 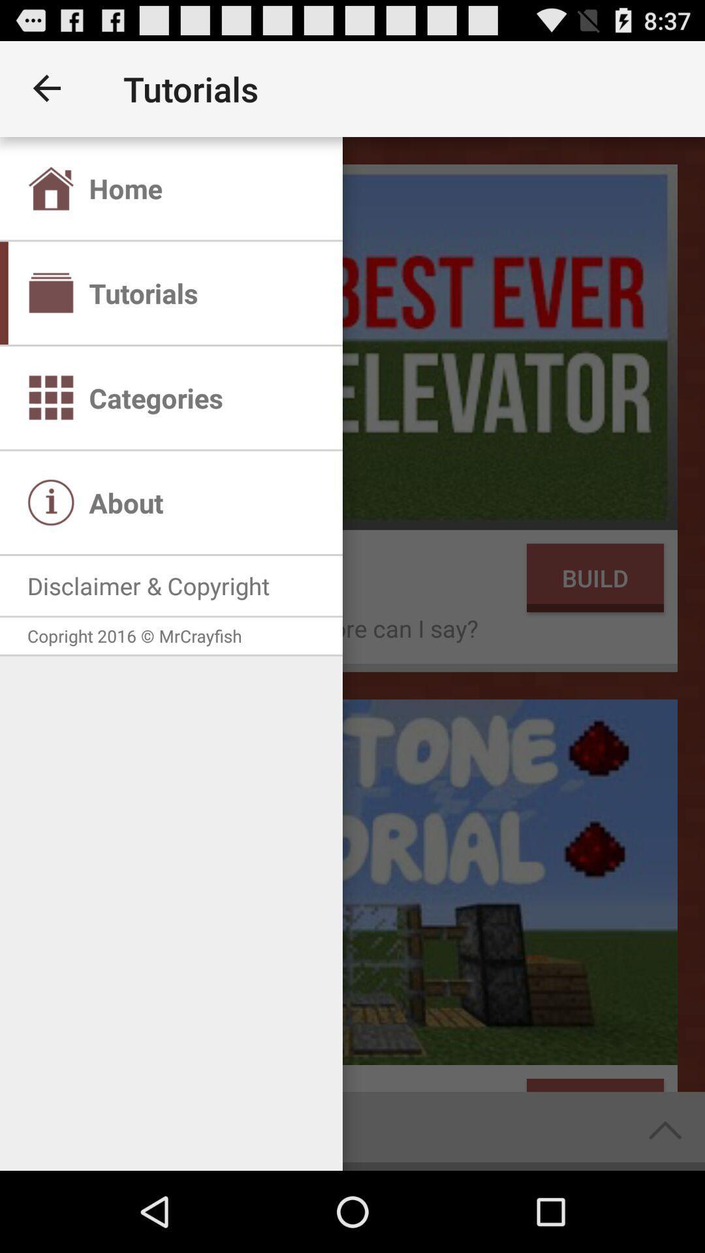 I want to click on symbol left to categories, so click(x=50, y=397).